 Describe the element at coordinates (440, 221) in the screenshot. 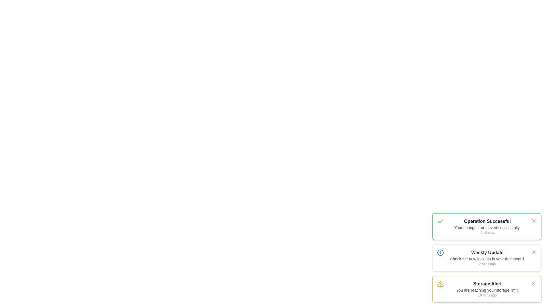

I see `the checkmark icon located within the 'Operation Successful' notification card in the bottom-right corner of the interface` at that location.